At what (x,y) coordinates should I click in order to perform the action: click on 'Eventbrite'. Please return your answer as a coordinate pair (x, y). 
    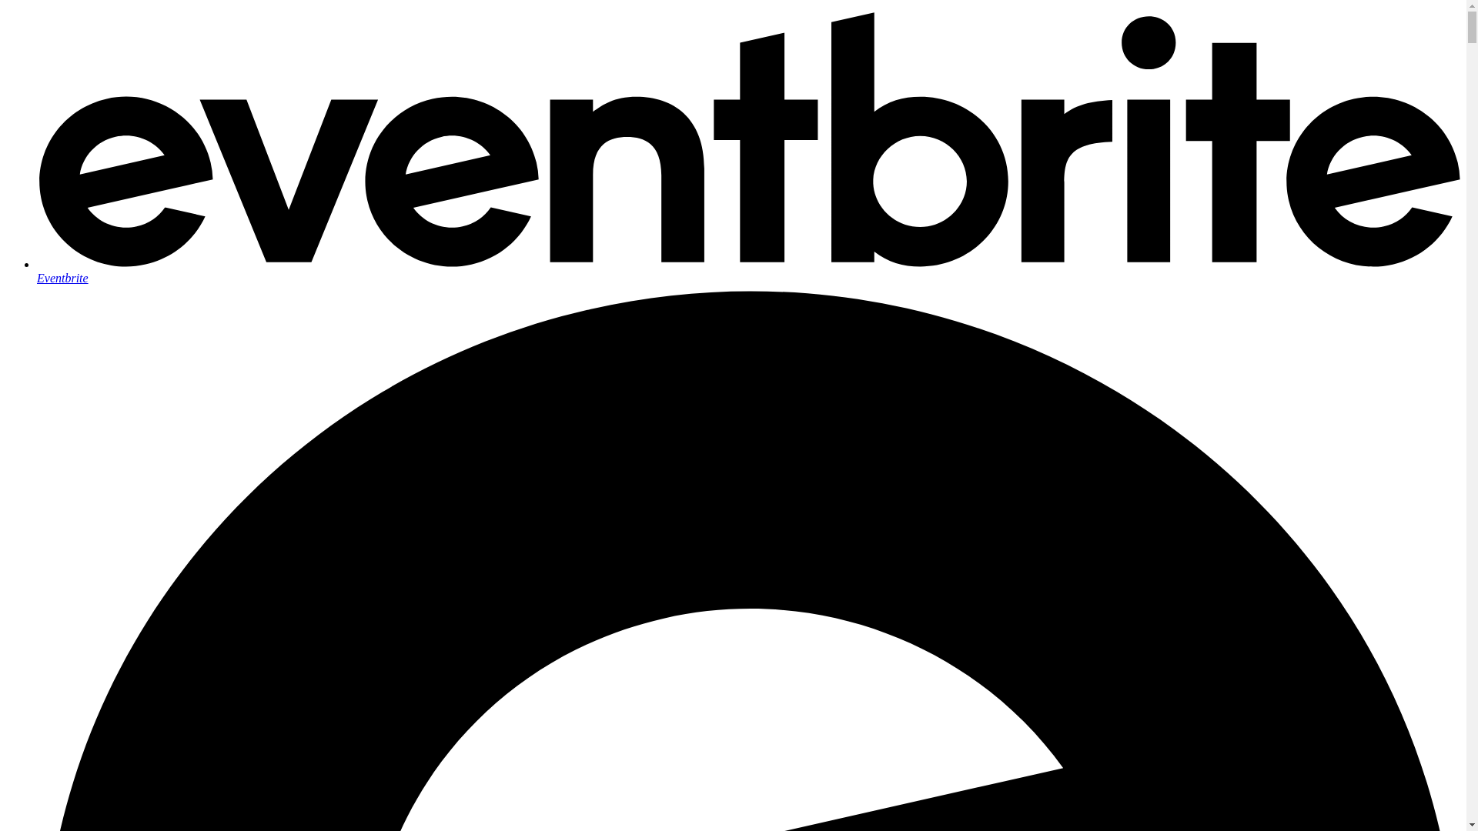
    Looking at the image, I should click on (748, 270).